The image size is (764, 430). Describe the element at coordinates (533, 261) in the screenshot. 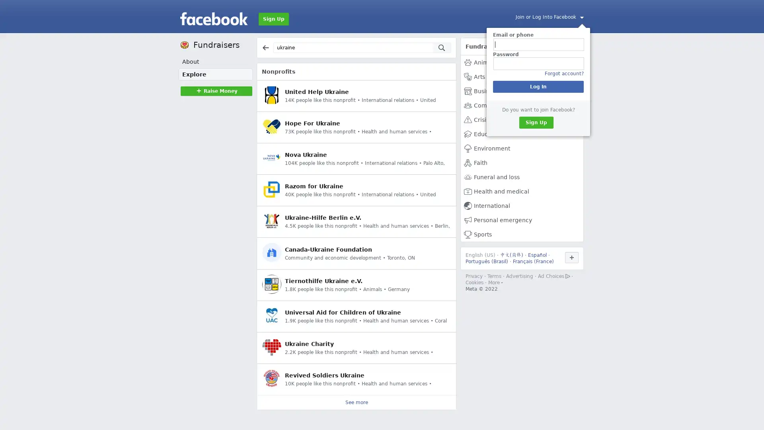

I see `Francais (France)` at that location.